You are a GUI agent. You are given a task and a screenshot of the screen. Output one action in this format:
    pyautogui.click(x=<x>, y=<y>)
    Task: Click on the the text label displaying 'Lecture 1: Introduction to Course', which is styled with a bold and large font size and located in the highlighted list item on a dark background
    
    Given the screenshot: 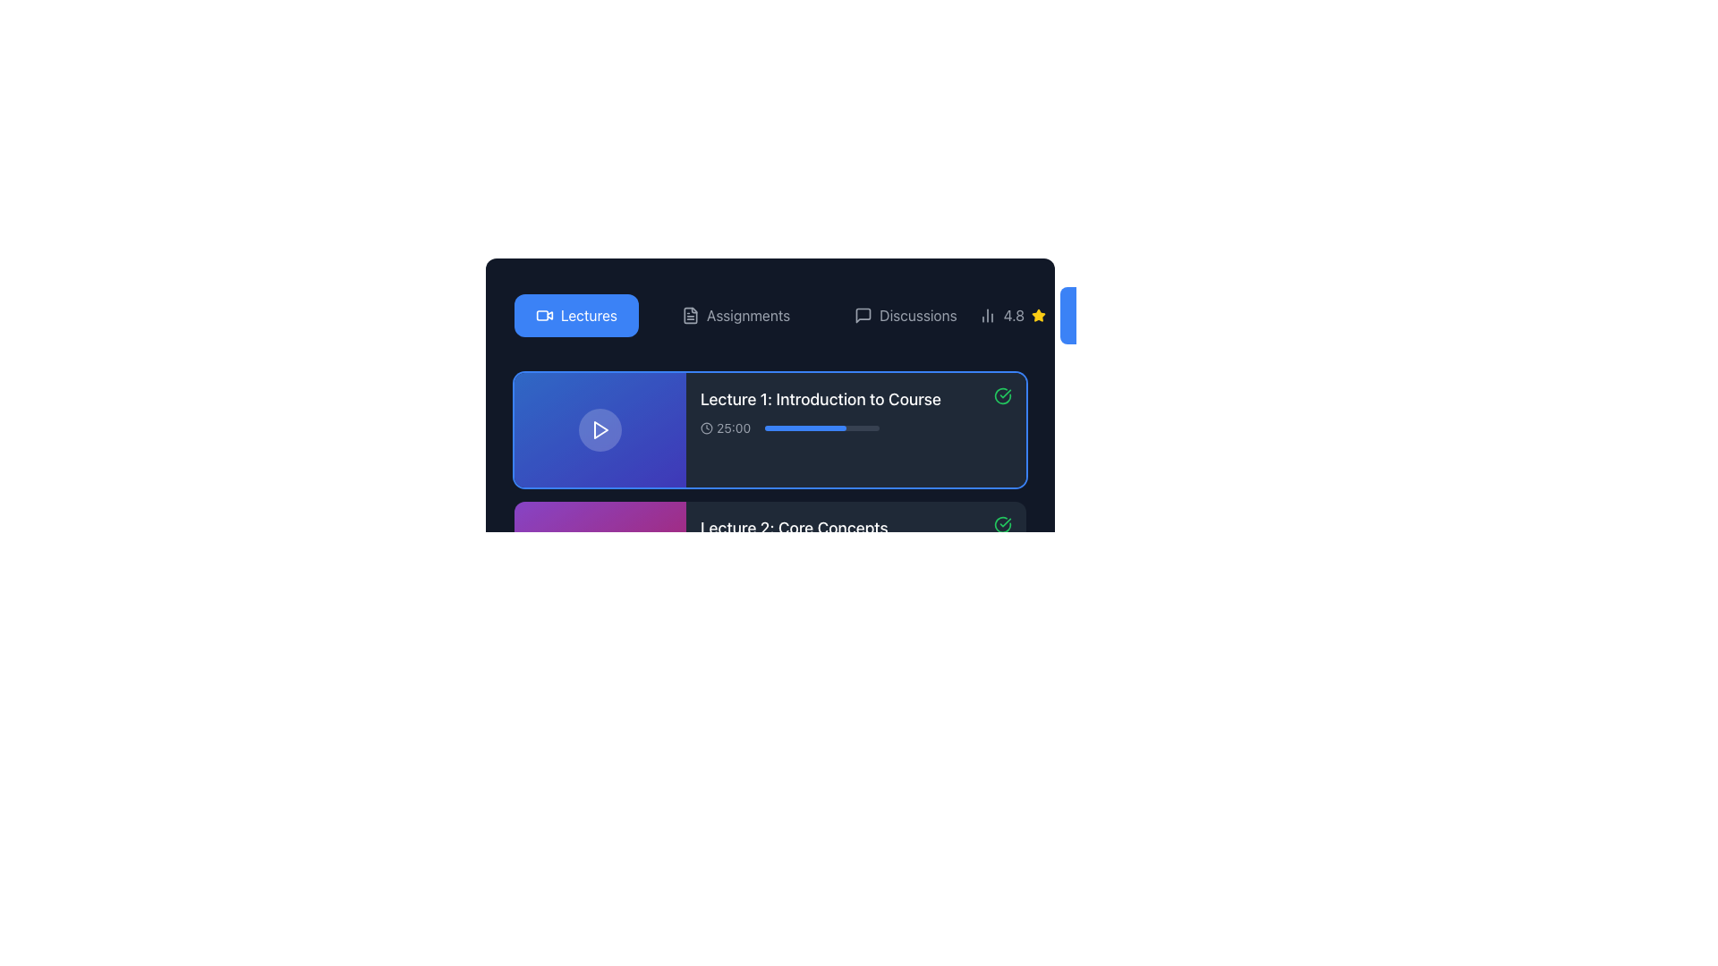 What is the action you would take?
    pyautogui.click(x=820, y=399)
    